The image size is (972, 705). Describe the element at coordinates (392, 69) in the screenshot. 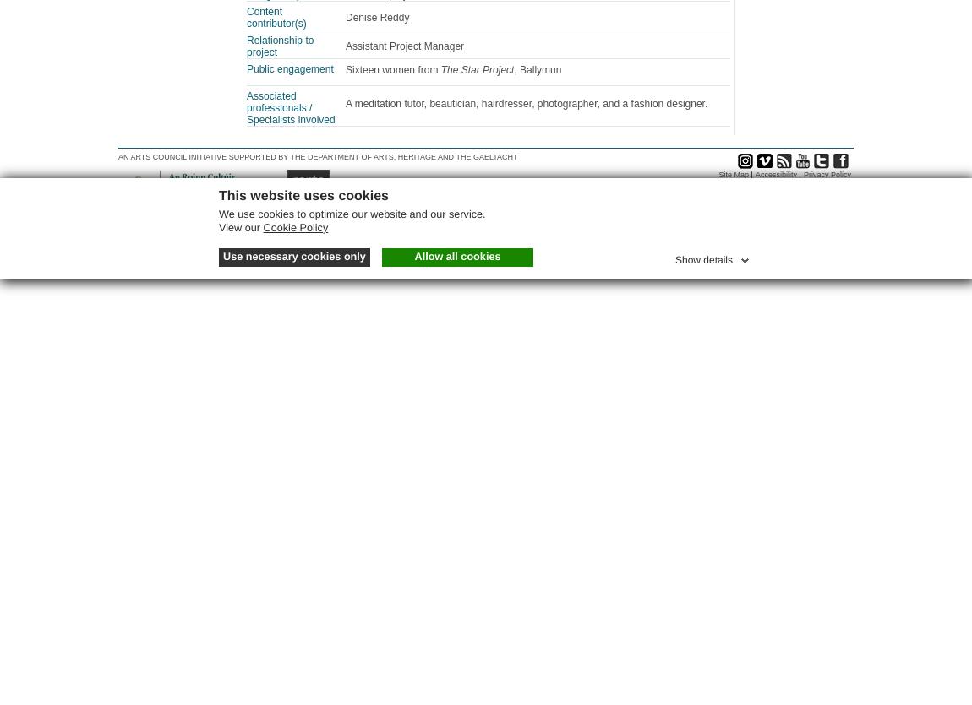

I see `'Sixteen women from'` at that location.